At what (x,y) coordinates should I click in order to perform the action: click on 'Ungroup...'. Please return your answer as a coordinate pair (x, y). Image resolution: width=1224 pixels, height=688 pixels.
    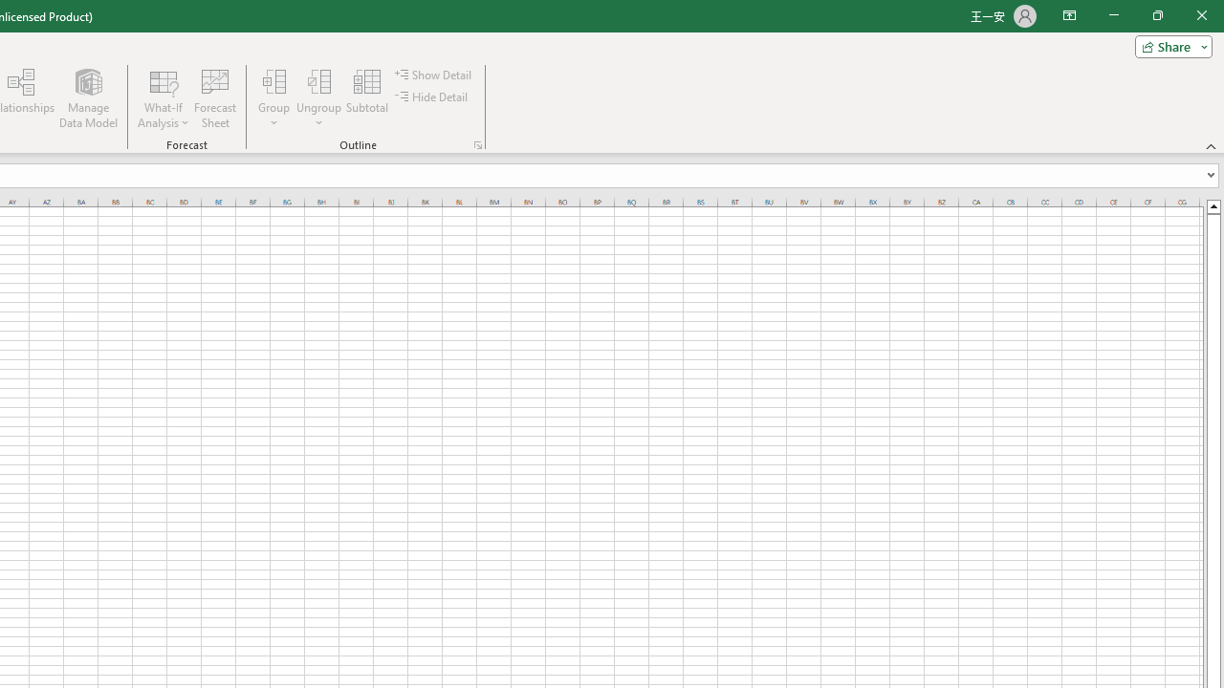
    Looking at the image, I should click on (319, 80).